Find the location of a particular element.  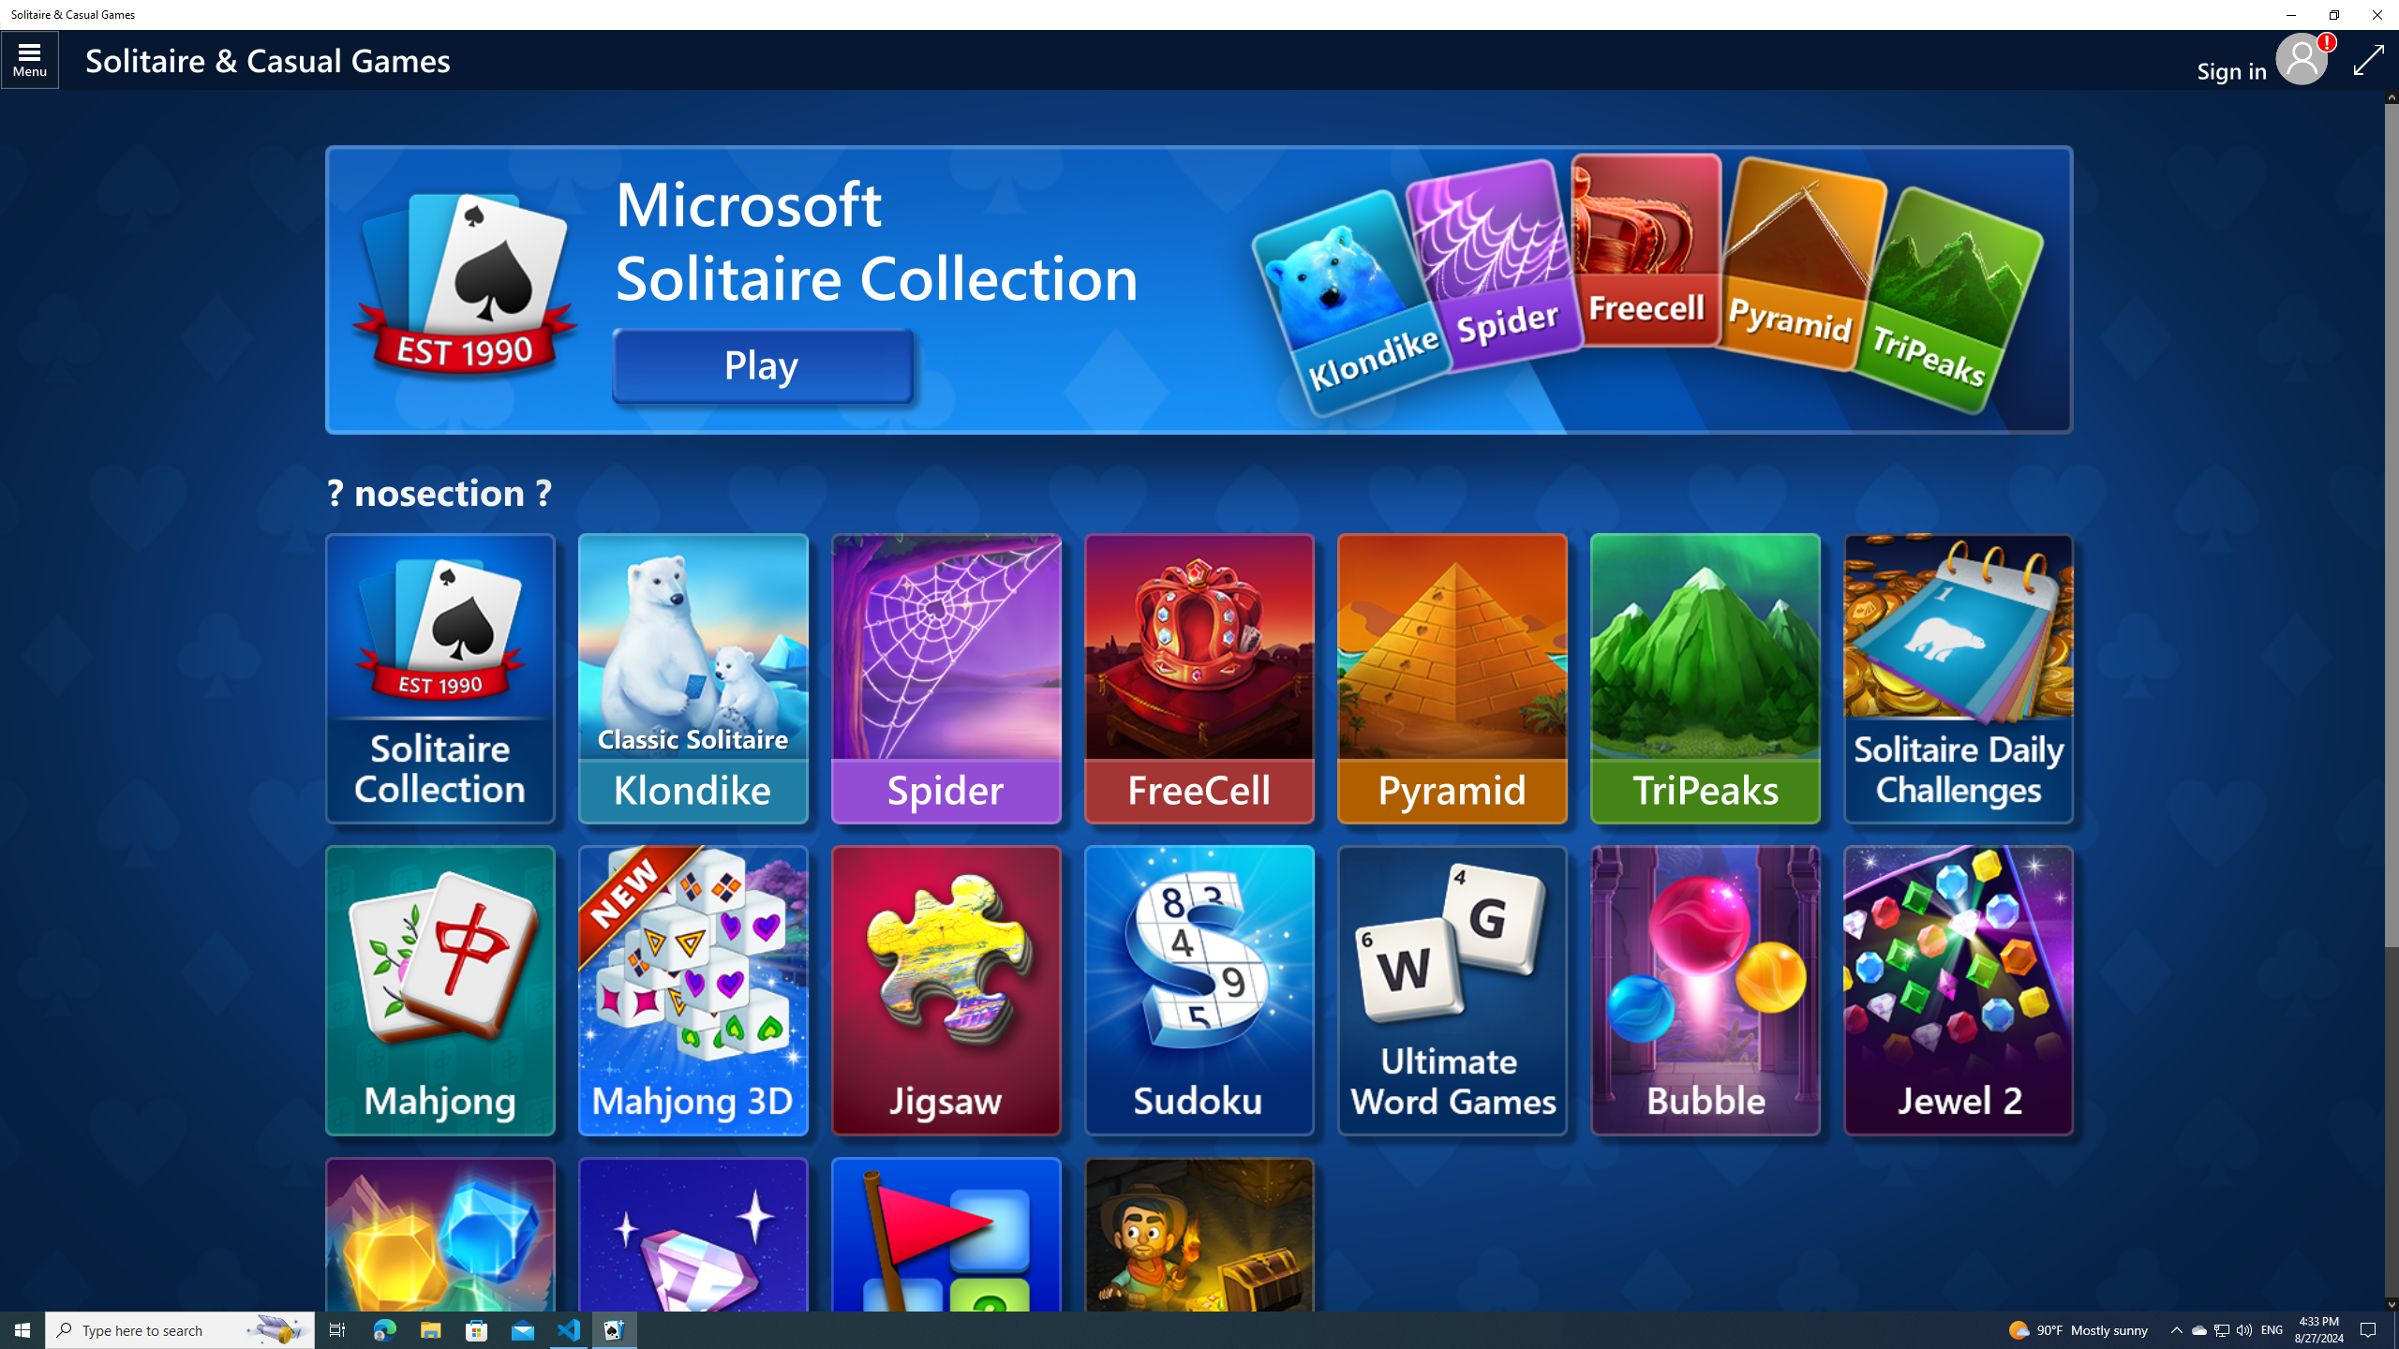

'FreeCell' is located at coordinates (1199, 677).